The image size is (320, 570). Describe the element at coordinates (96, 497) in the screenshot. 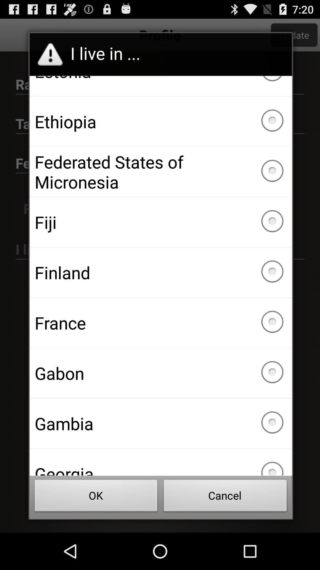

I see `icon below georgia` at that location.